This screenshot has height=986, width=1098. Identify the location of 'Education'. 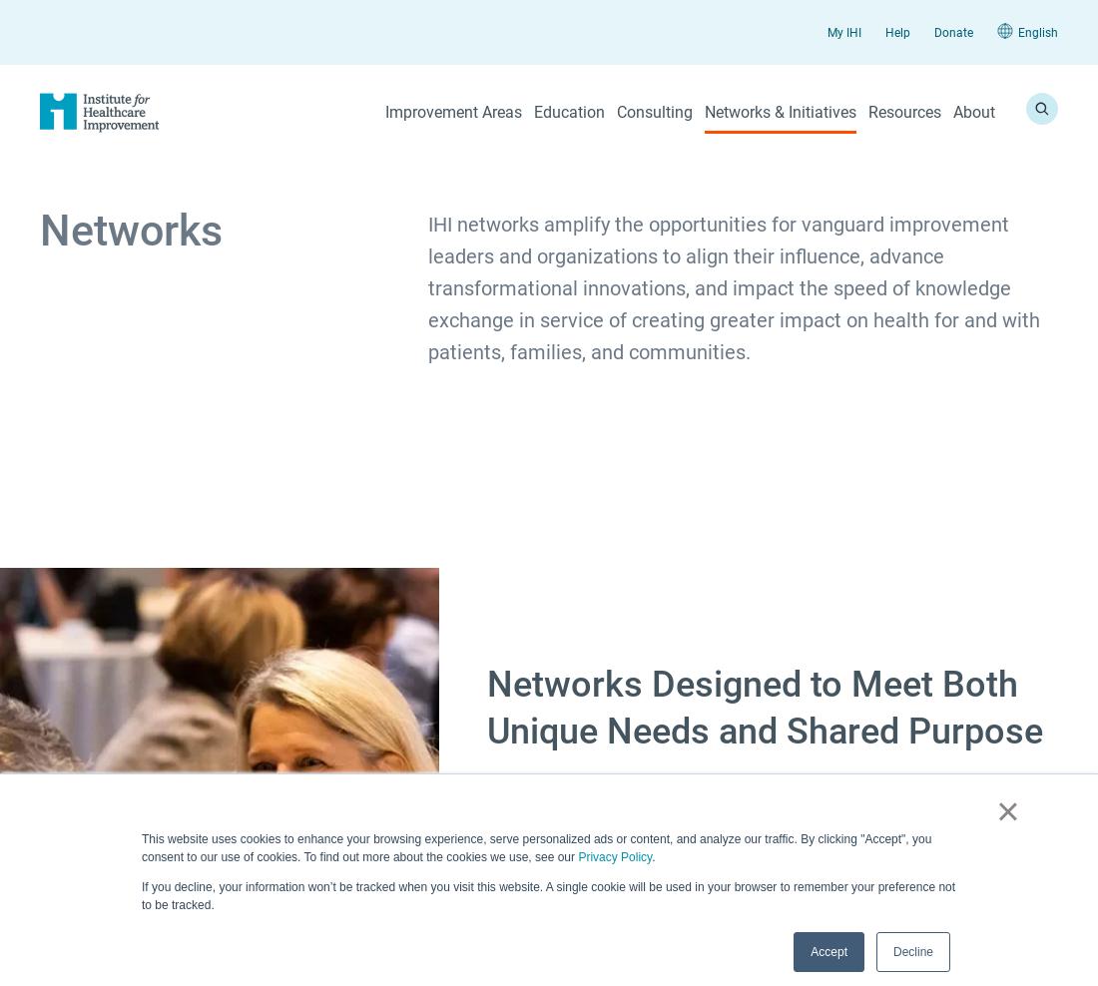
(568, 111).